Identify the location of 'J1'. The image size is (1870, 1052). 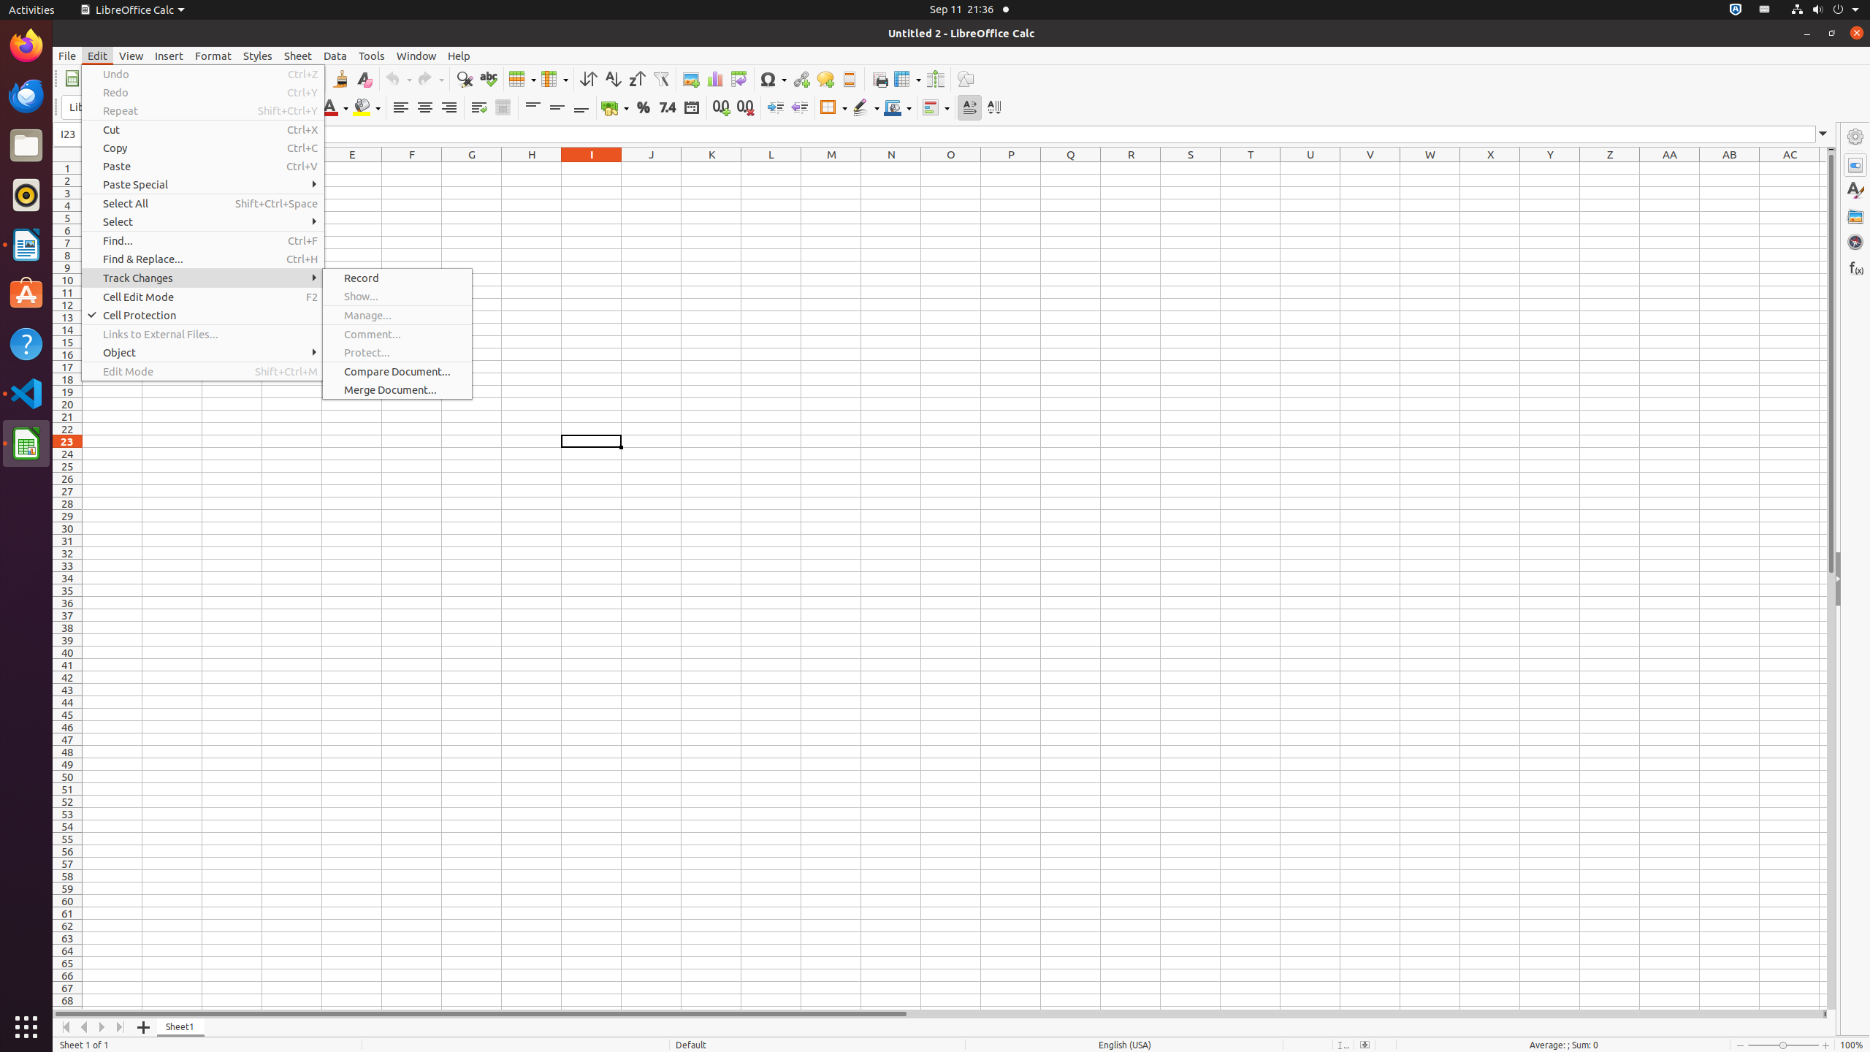
(650, 167).